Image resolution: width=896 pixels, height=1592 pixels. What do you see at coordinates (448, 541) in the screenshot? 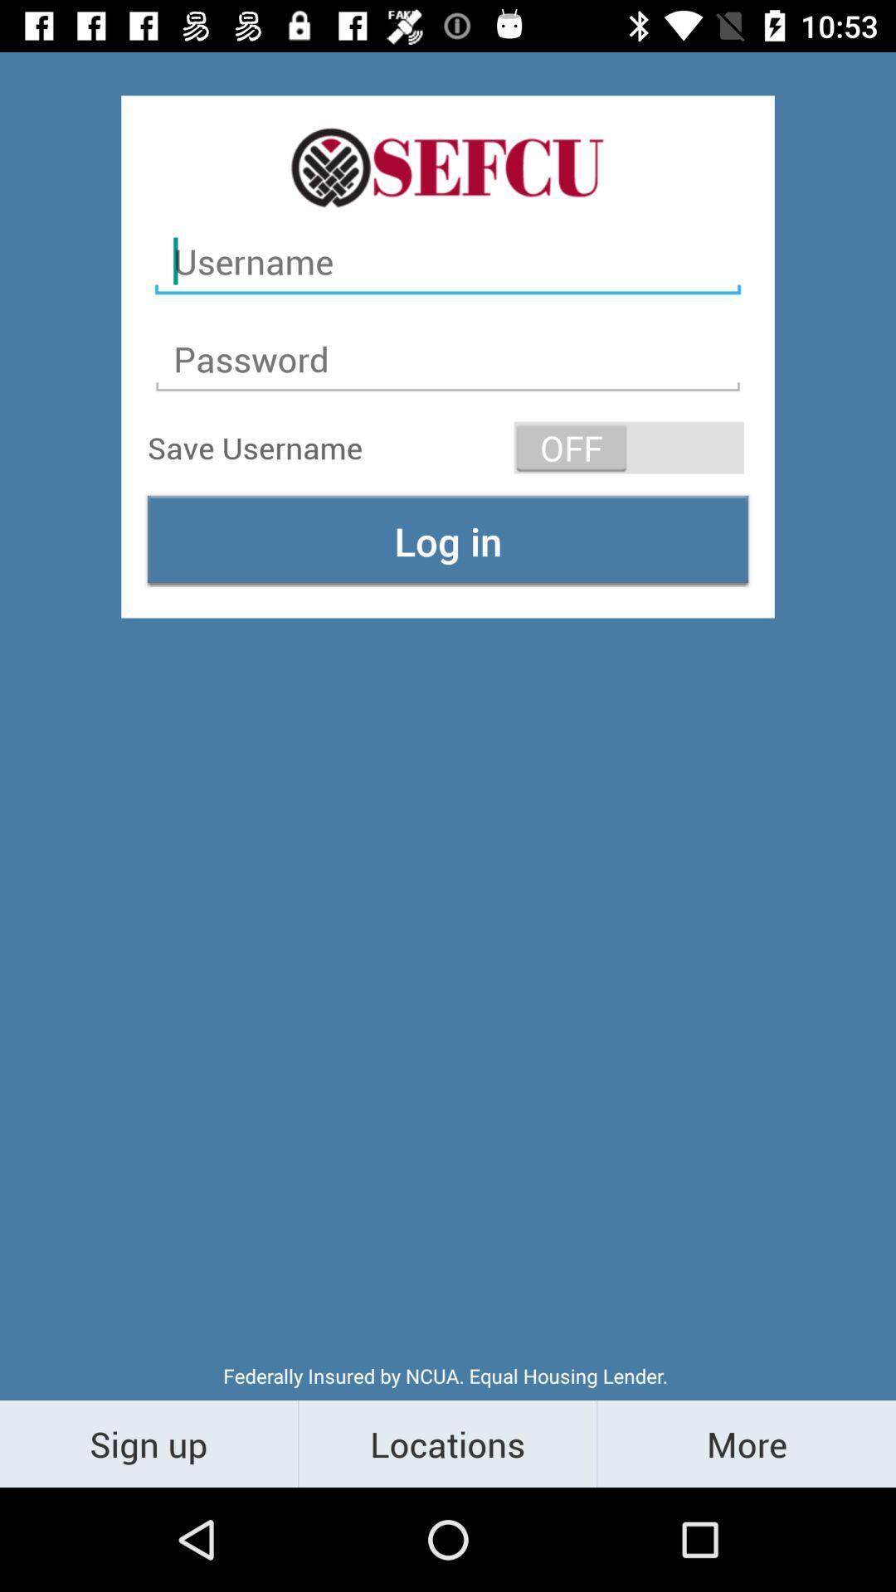
I see `log in item` at bounding box center [448, 541].